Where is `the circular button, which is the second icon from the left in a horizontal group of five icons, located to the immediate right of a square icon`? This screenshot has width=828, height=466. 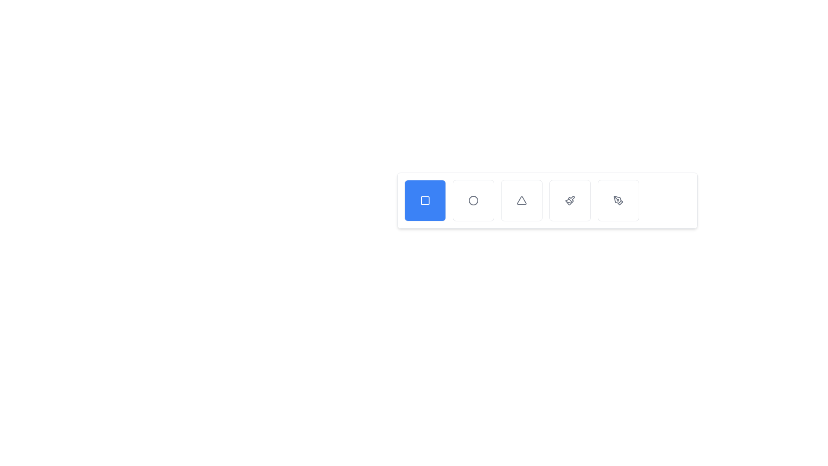 the circular button, which is the second icon from the left in a horizontal group of five icons, located to the immediate right of a square icon is located at coordinates (473, 201).